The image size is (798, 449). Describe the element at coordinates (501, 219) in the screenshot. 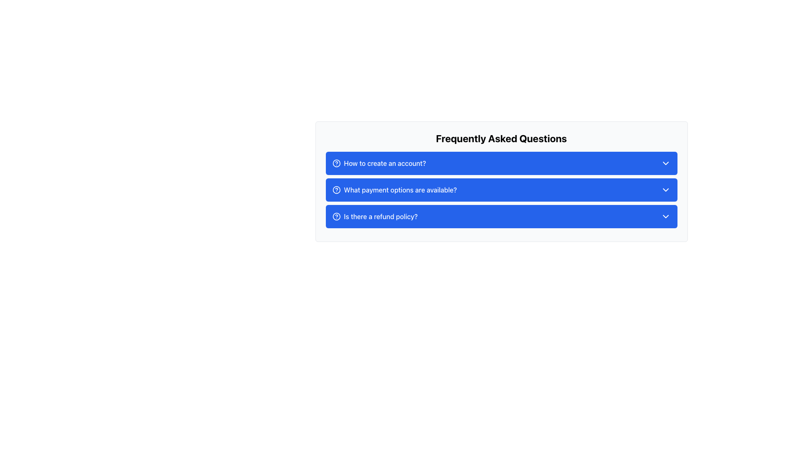

I see `the third accordion item in the FAQ section` at that location.